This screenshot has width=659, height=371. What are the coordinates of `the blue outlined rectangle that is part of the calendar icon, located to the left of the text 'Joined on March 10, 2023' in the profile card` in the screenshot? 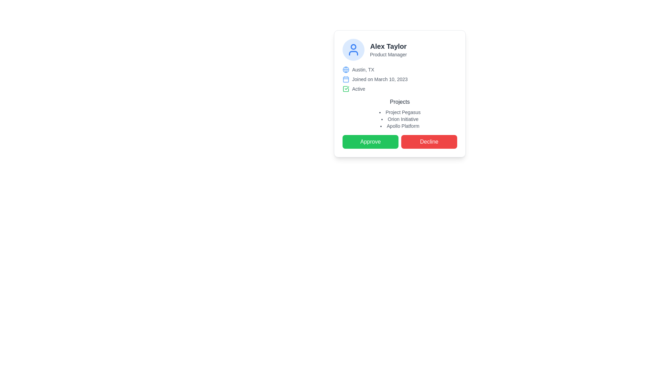 It's located at (346, 79).